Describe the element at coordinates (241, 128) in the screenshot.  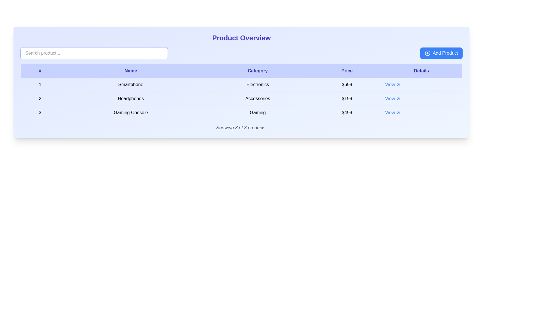
I see `the static text that displays the total number of products currently shown and available, located below the product table in the 'Product Overview' section` at that location.